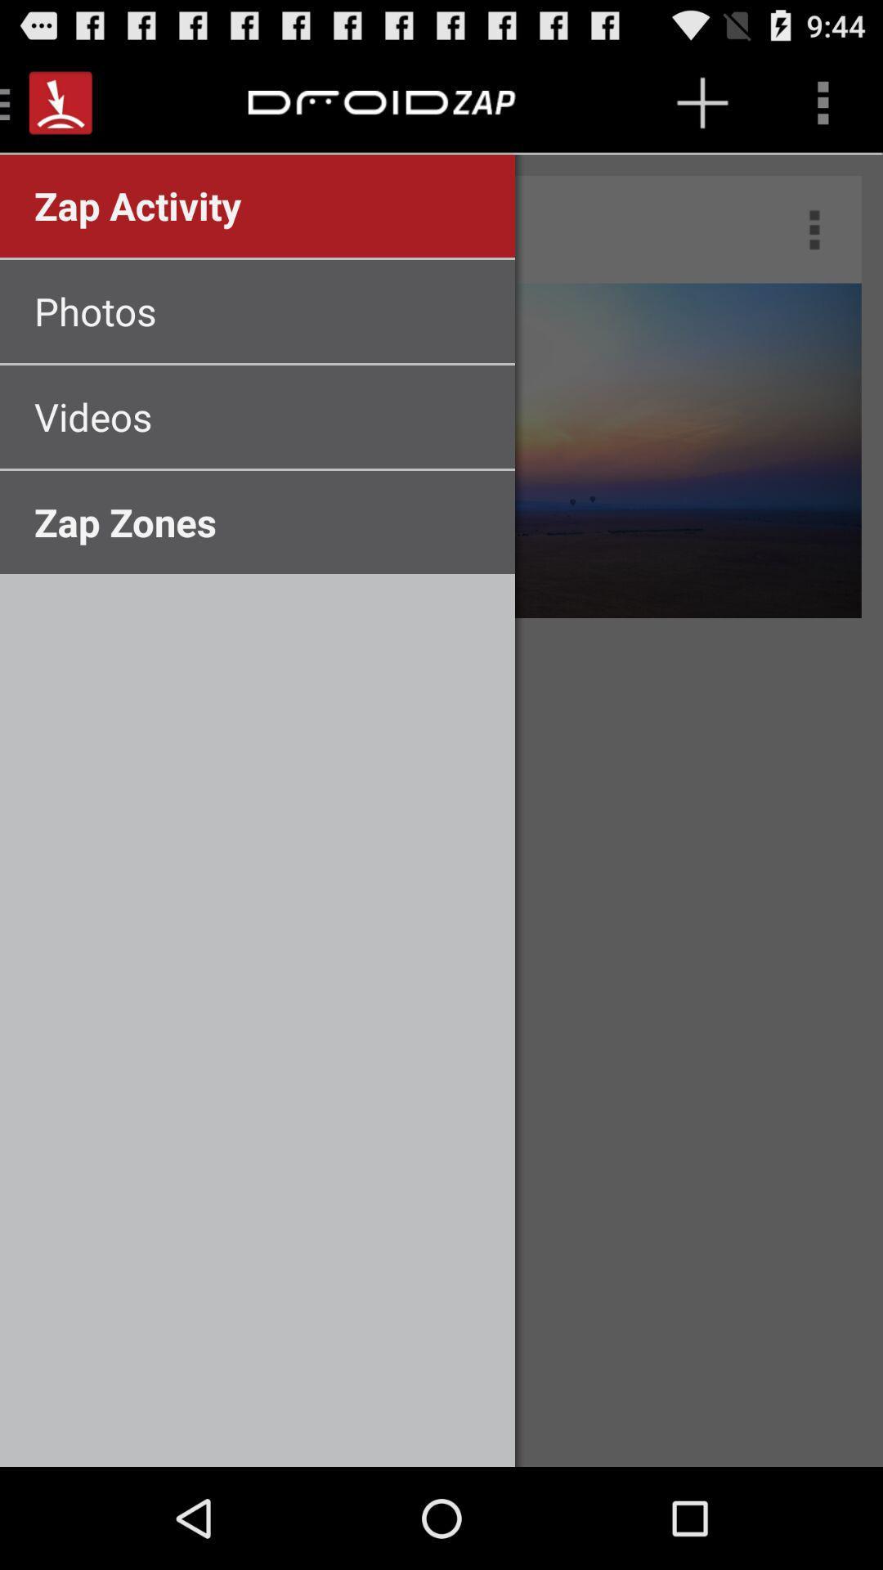 This screenshot has width=883, height=1570. What do you see at coordinates (701, 101) in the screenshot?
I see `plus symbol` at bounding box center [701, 101].